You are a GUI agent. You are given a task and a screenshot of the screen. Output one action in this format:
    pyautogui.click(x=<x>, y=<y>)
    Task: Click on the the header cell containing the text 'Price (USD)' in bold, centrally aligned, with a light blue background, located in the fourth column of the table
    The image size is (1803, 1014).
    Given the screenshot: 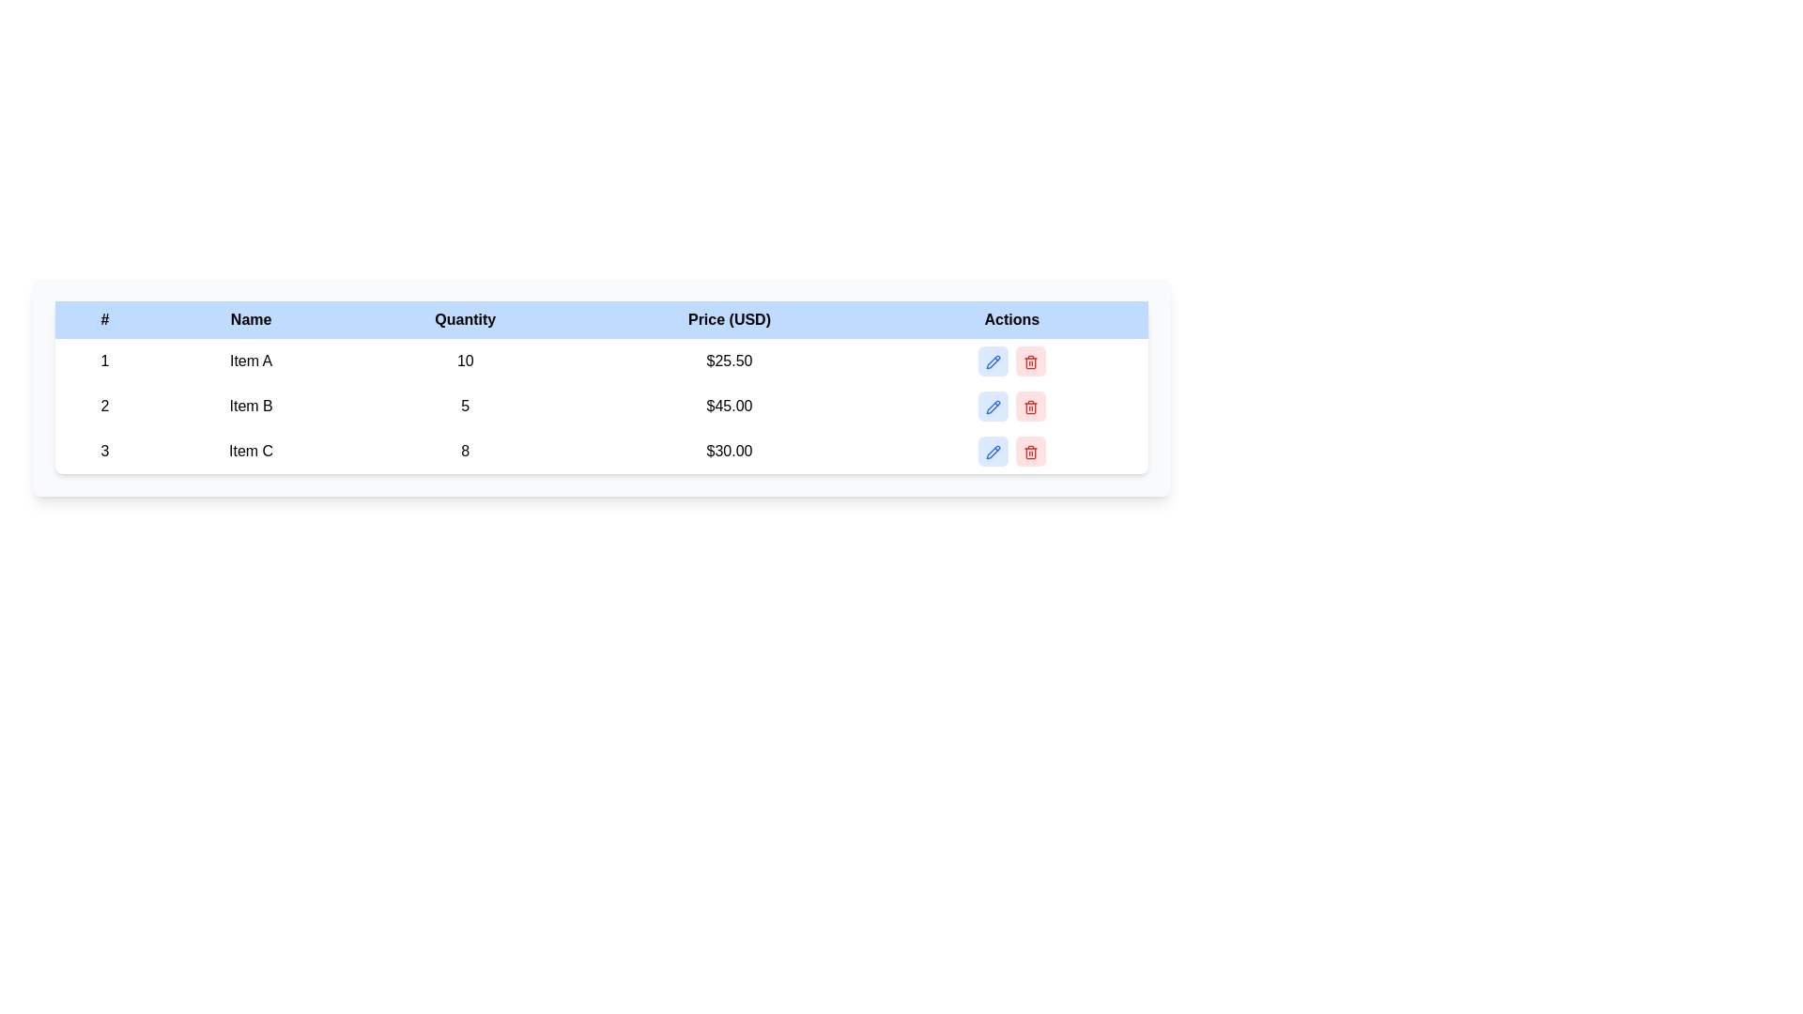 What is the action you would take?
    pyautogui.click(x=729, y=318)
    